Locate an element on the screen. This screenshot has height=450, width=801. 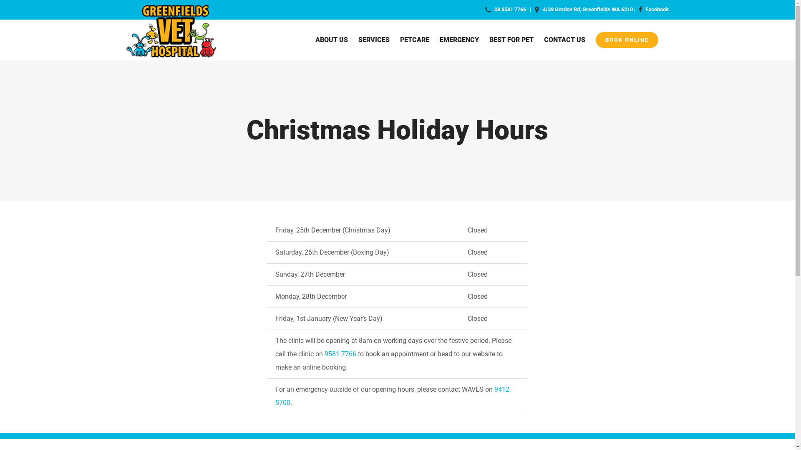
'9412 5700' is located at coordinates (275, 395).